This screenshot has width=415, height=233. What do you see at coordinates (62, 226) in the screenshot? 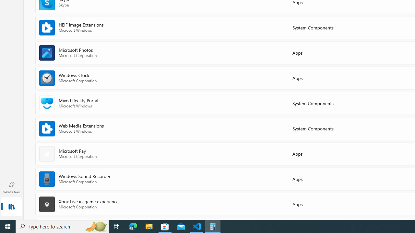
I see `'Type here to search'` at bounding box center [62, 226].